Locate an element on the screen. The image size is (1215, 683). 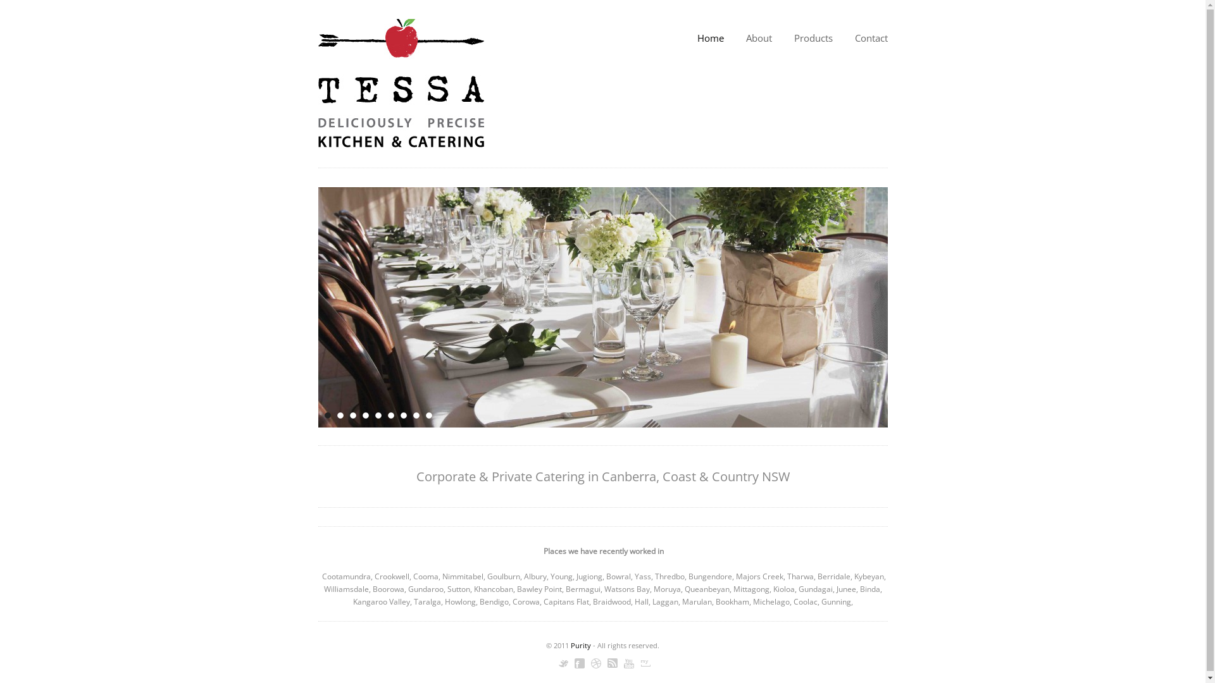
'8' is located at coordinates (416, 415).